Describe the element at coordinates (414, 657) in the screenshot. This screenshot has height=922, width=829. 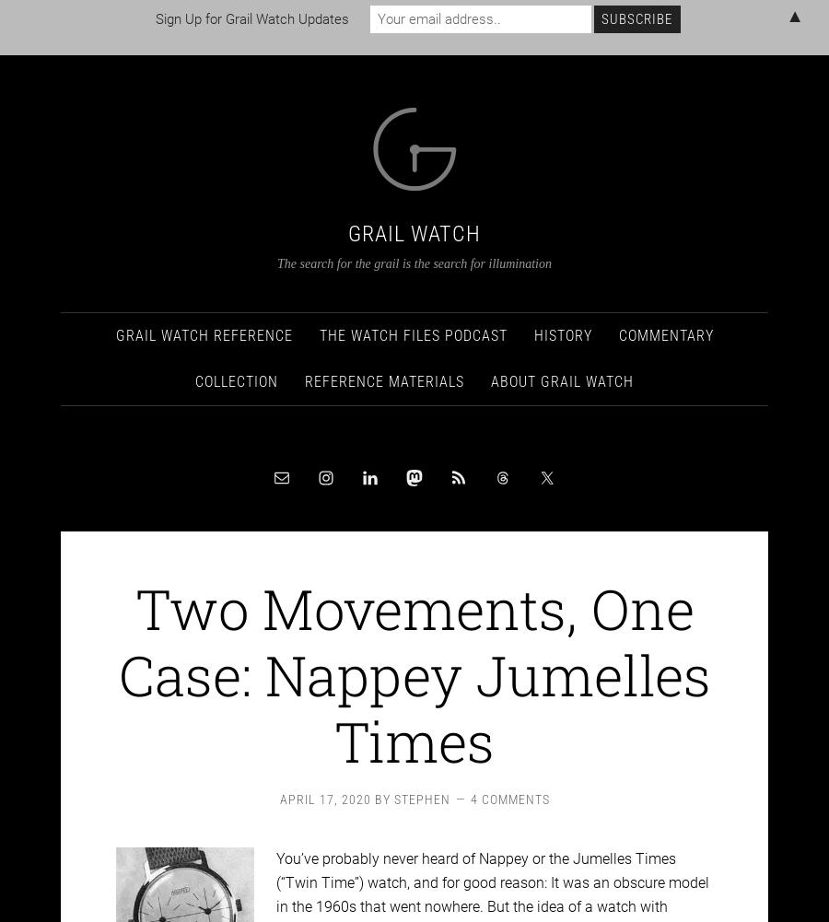
I see `'Two Movements, One Case: Nappey Jumelles Times'` at that location.